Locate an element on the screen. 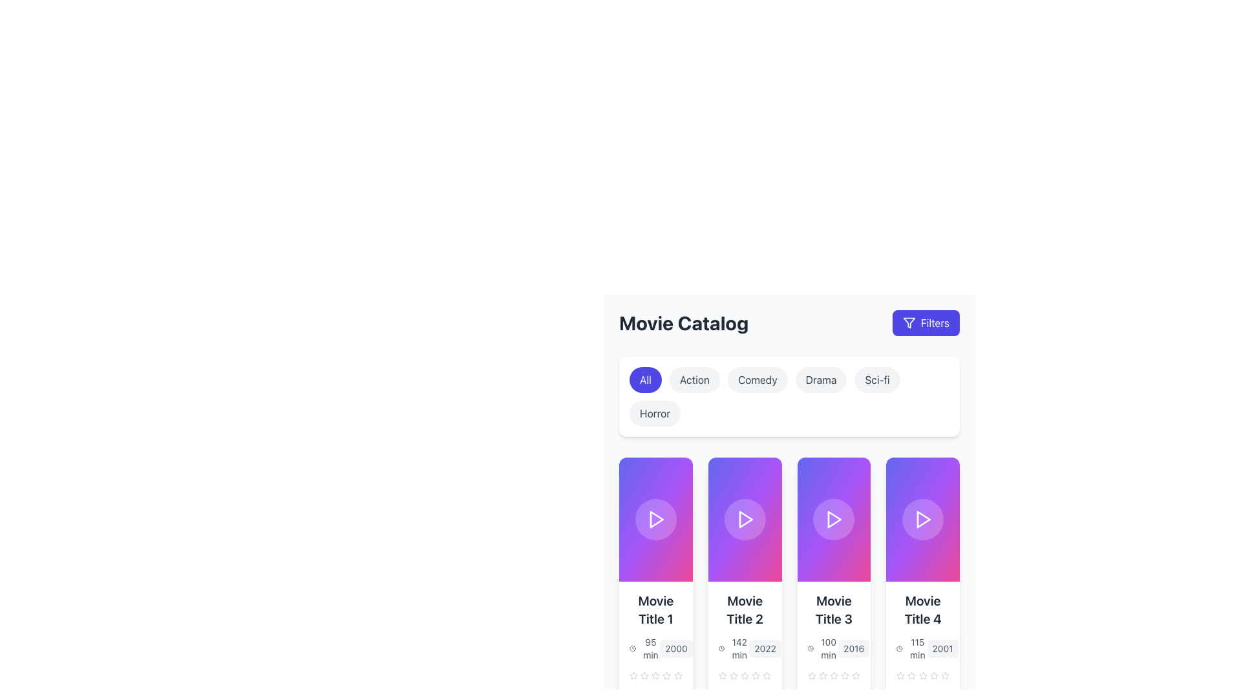 This screenshot has width=1241, height=698. the text label displaying '100 min' located below 'Movie Title 3' in the movie card interface is located at coordinates (829, 648).